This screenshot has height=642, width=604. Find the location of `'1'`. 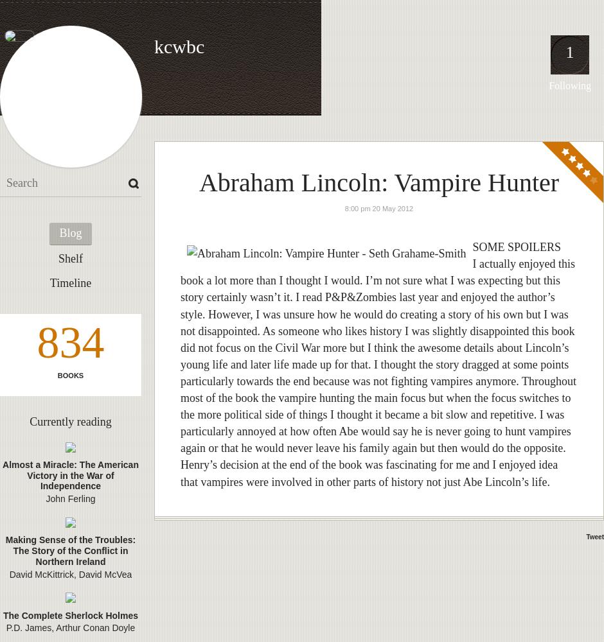

'1' is located at coordinates (569, 51).